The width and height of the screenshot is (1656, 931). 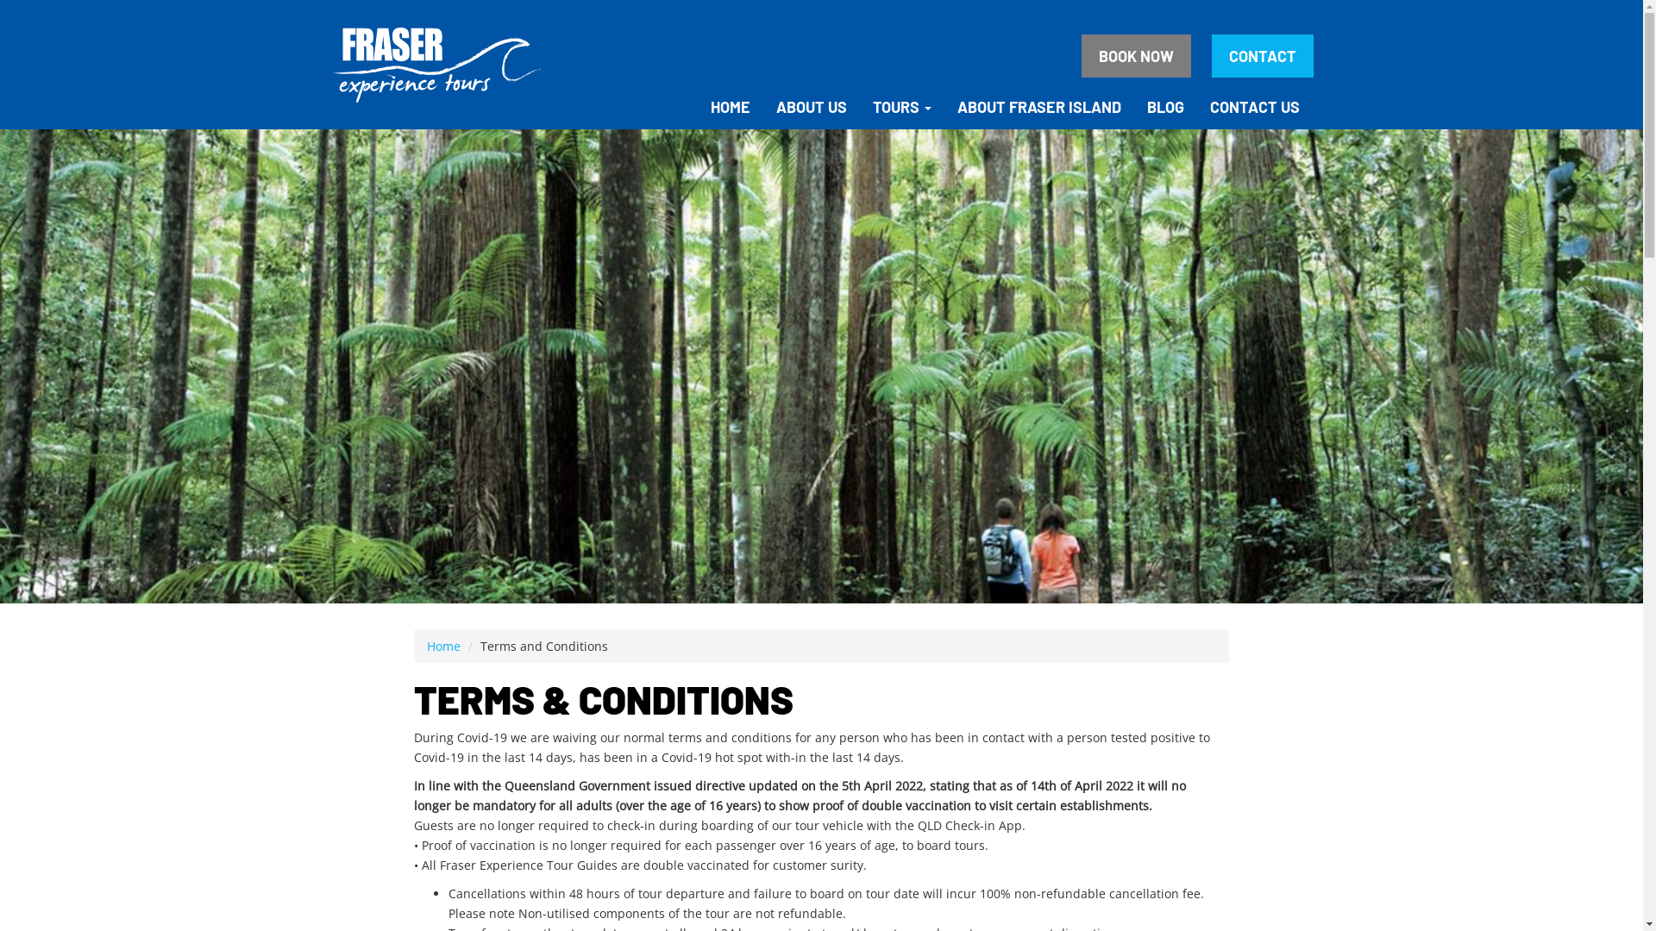 I want to click on 'HOME', so click(x=696, y=106).